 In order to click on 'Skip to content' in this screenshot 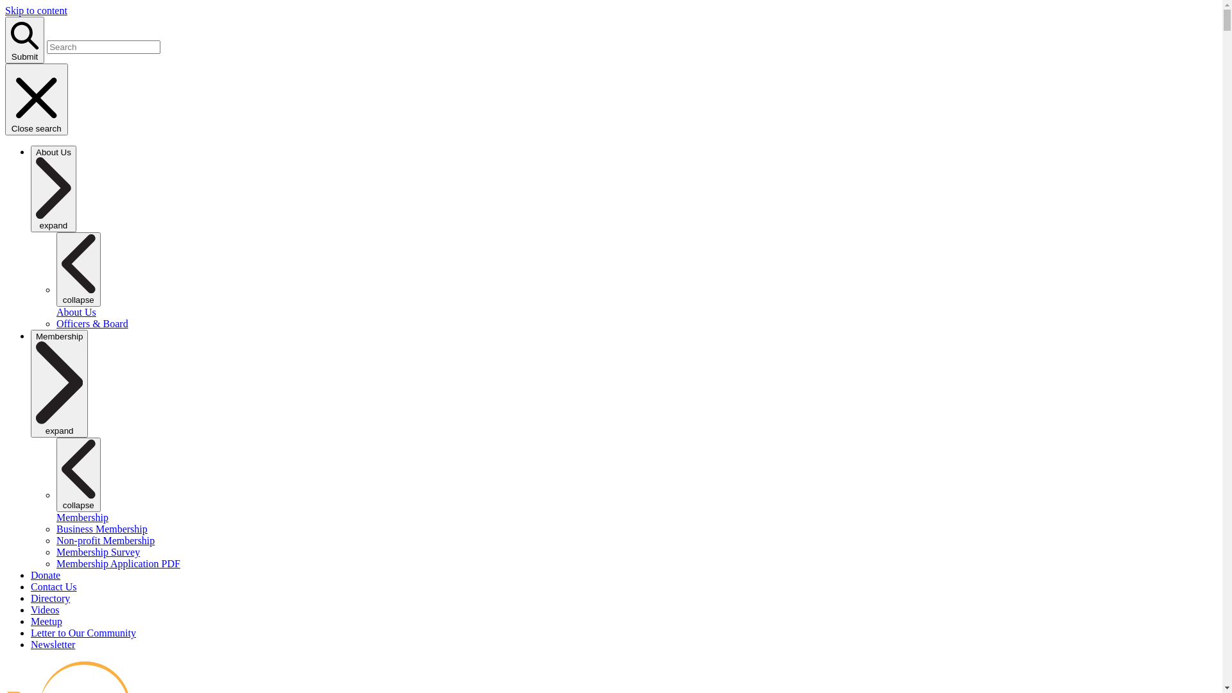, I will do `click(36, 10)`.